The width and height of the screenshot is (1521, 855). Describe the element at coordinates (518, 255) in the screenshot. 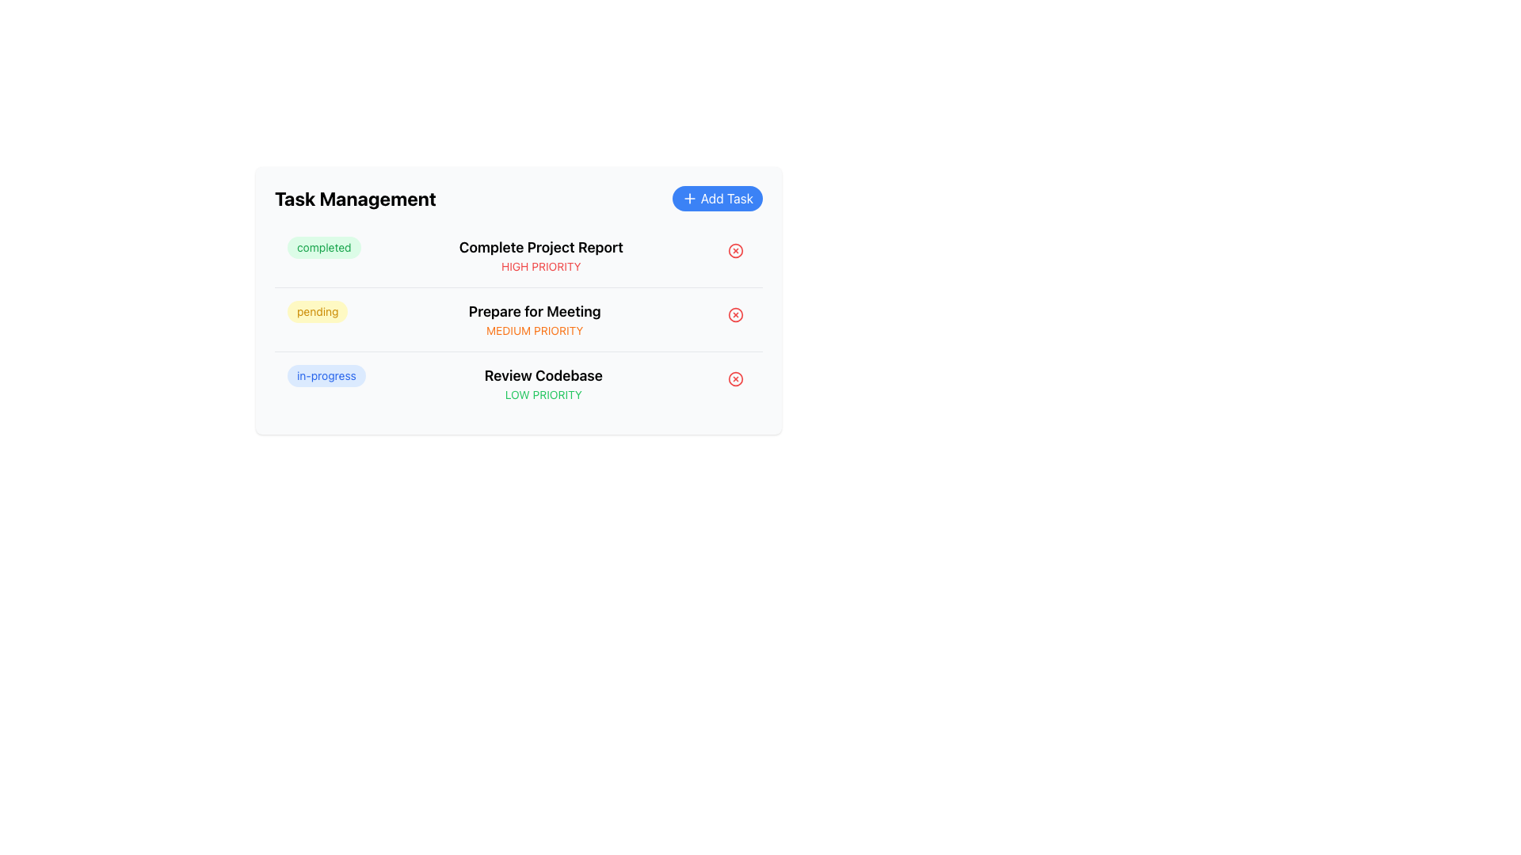

I see `the first task entry in the 'Task Management' list` at that location.